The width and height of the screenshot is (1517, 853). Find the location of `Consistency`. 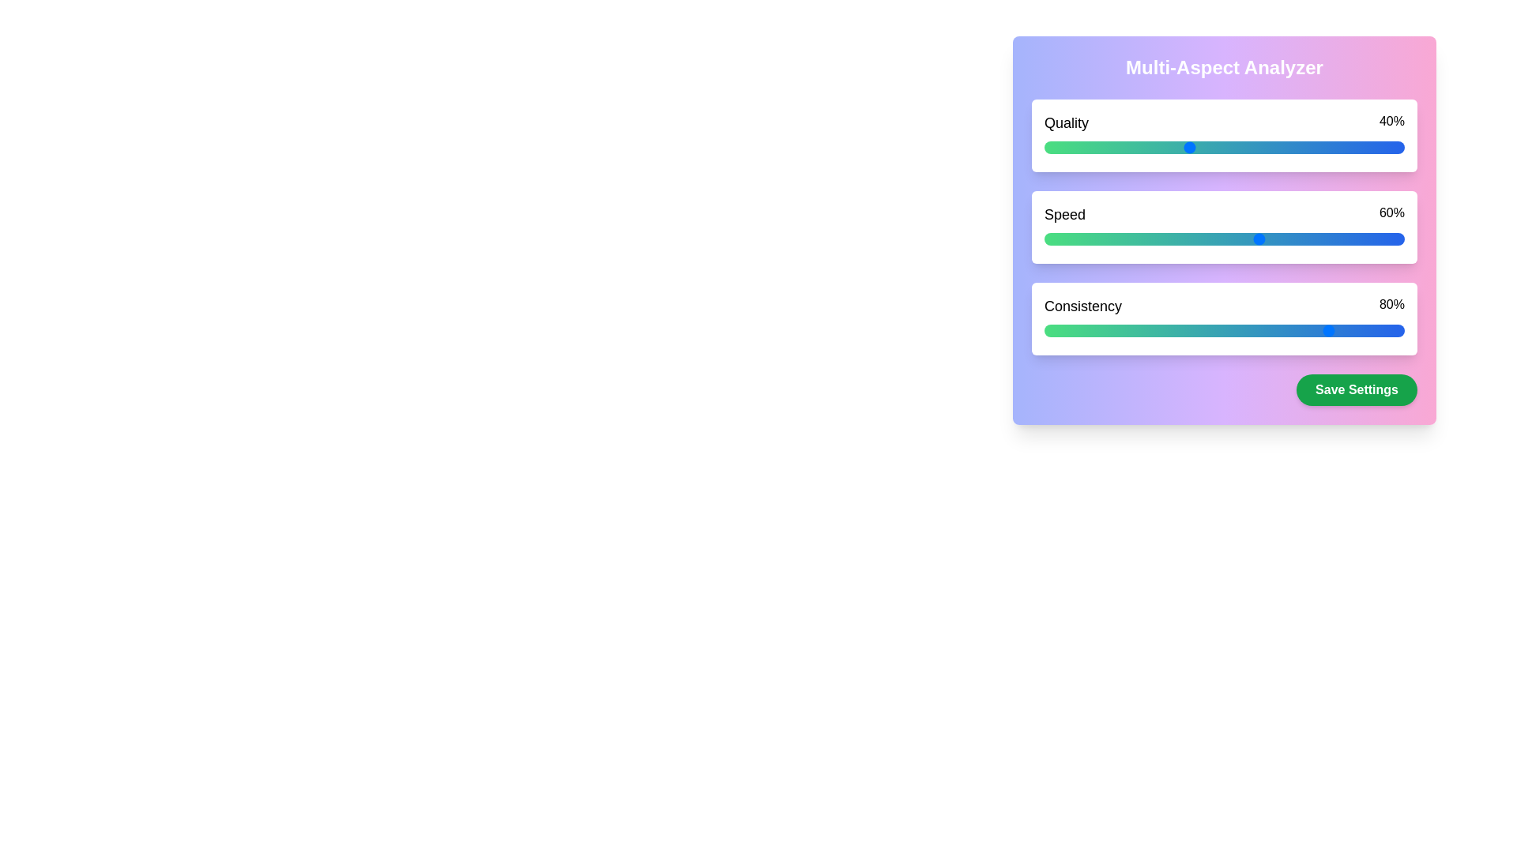

Consistency is located at coordinates (1311, 330).